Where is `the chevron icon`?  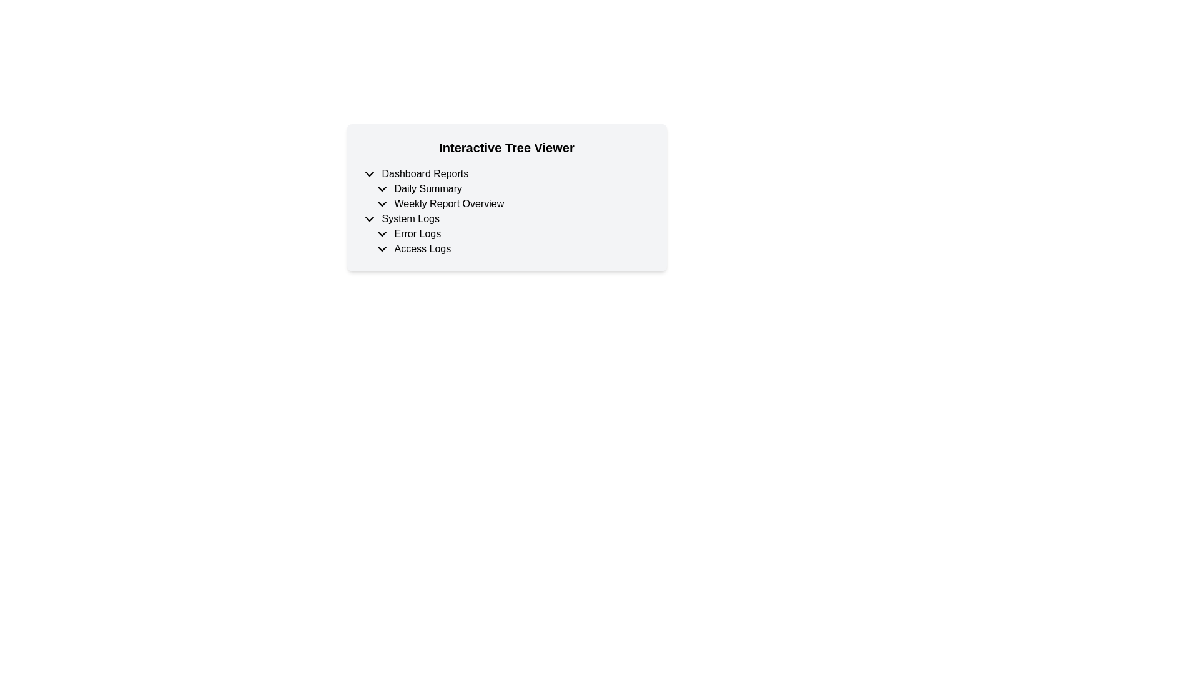
the chevron icon is located at coordinates (368, 173).